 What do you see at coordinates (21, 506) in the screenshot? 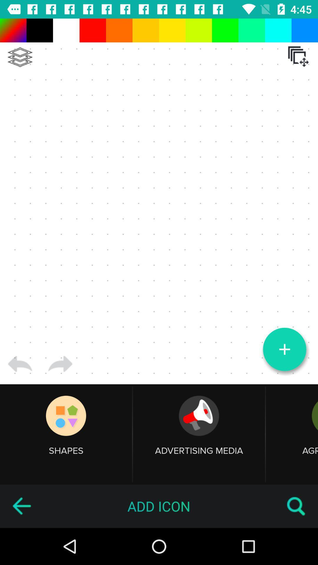
I see `icon below the shapes icon` at bounding box center [21, 506].